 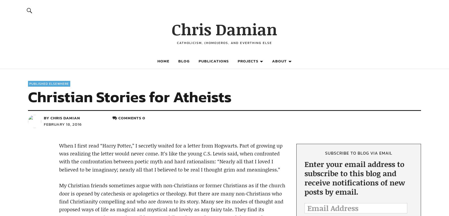 What do you see at coordinates (172, 44) in the screenshot?
I see `'Or perhaps it is driven by a hope we’ll discover something that will change our lives. I wonder if, at some level, to live is to wait for the stories, the experiences, the letters that will open up the world for us, that will take us beyond the dreariness of the everyday and give us something to hope for that’s more than ephemeral fiction. We want to fall in love or fall back in love with life, even when, like Lewis, we’re sure that love doesn’t exist.'` at bounding box center [172, 44].